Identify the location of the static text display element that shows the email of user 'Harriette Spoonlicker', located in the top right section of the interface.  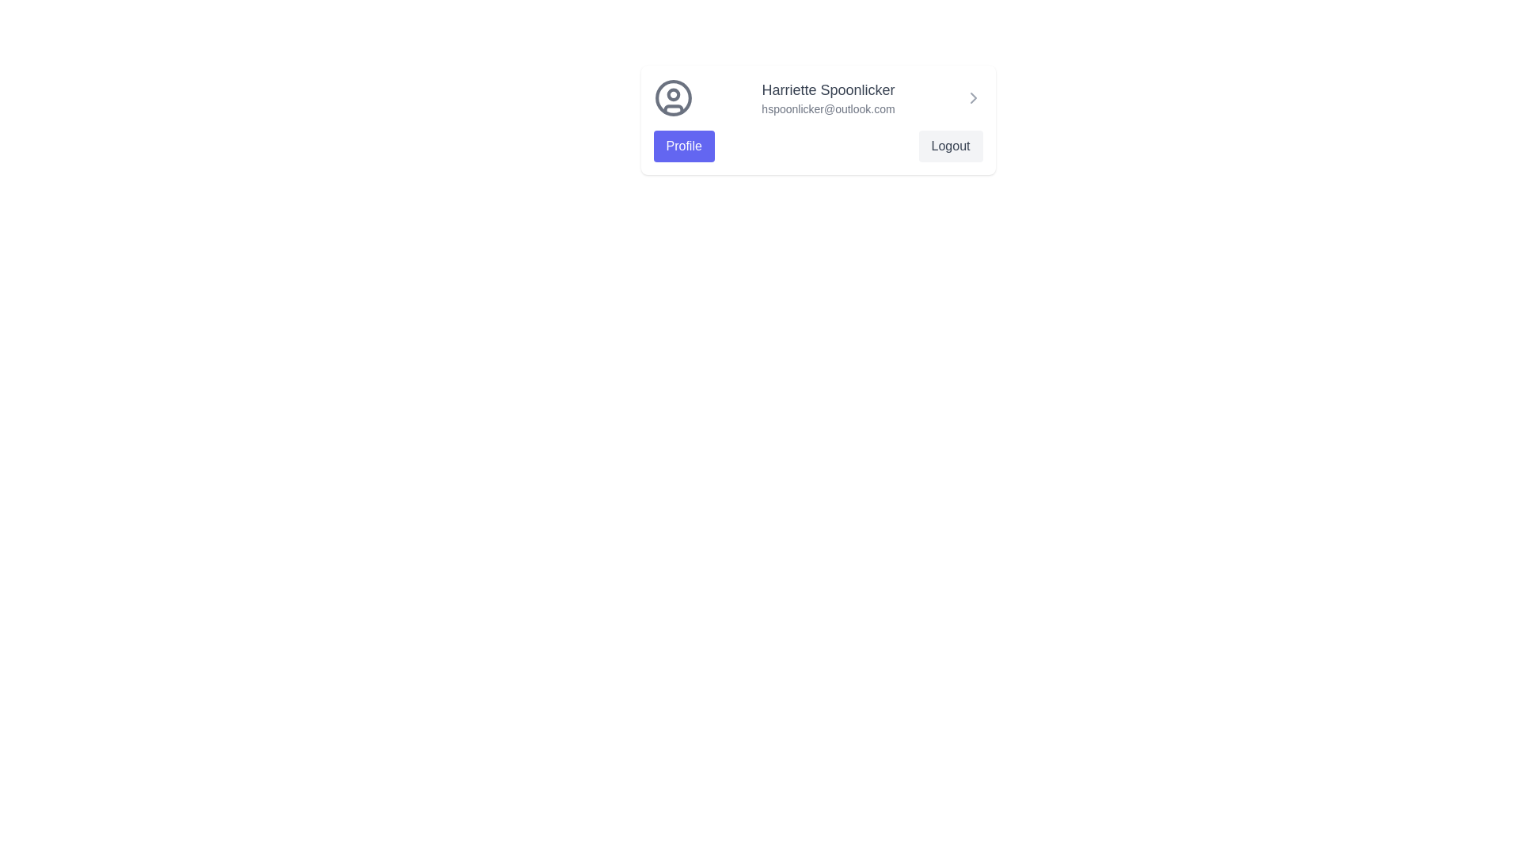
(827, 108).